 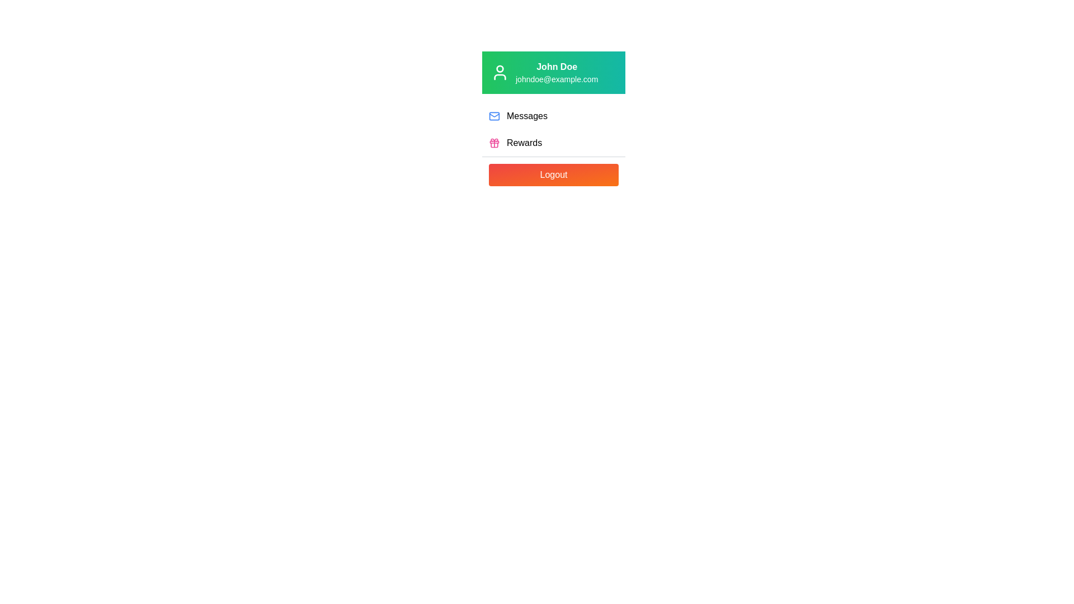 I want to click on the blue mail envelope icon located next to the text 'Messages' in the vertical navigation menu, so click(x=493, y=116).